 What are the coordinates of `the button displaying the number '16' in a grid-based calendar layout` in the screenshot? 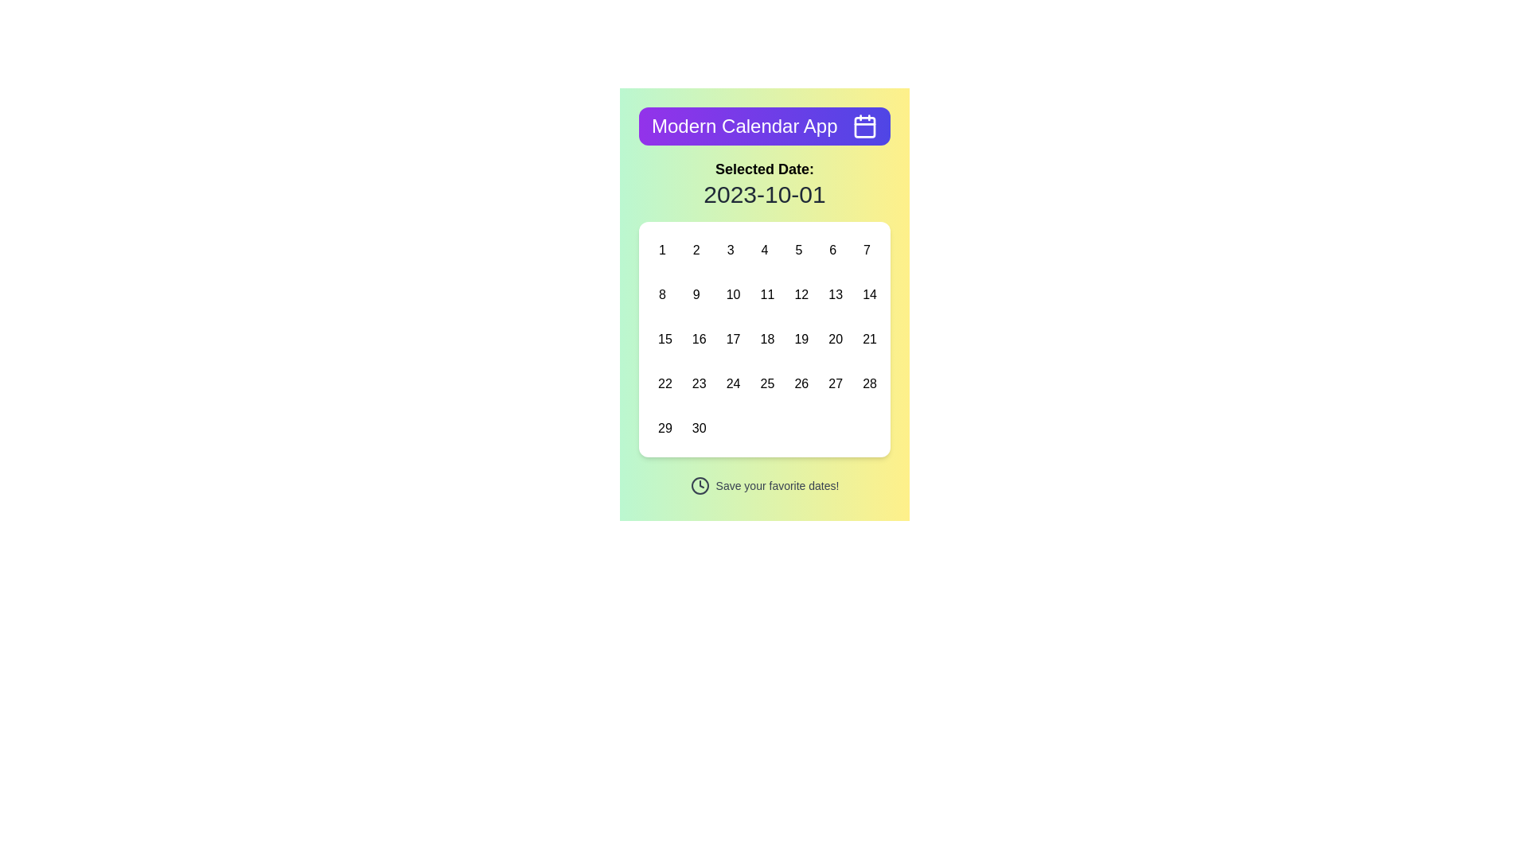 It's located at (696, 339).